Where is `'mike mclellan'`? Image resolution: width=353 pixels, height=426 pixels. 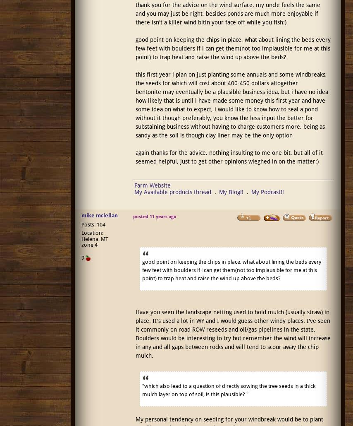
'mike mclellan' is located at coordinates (99, 215).